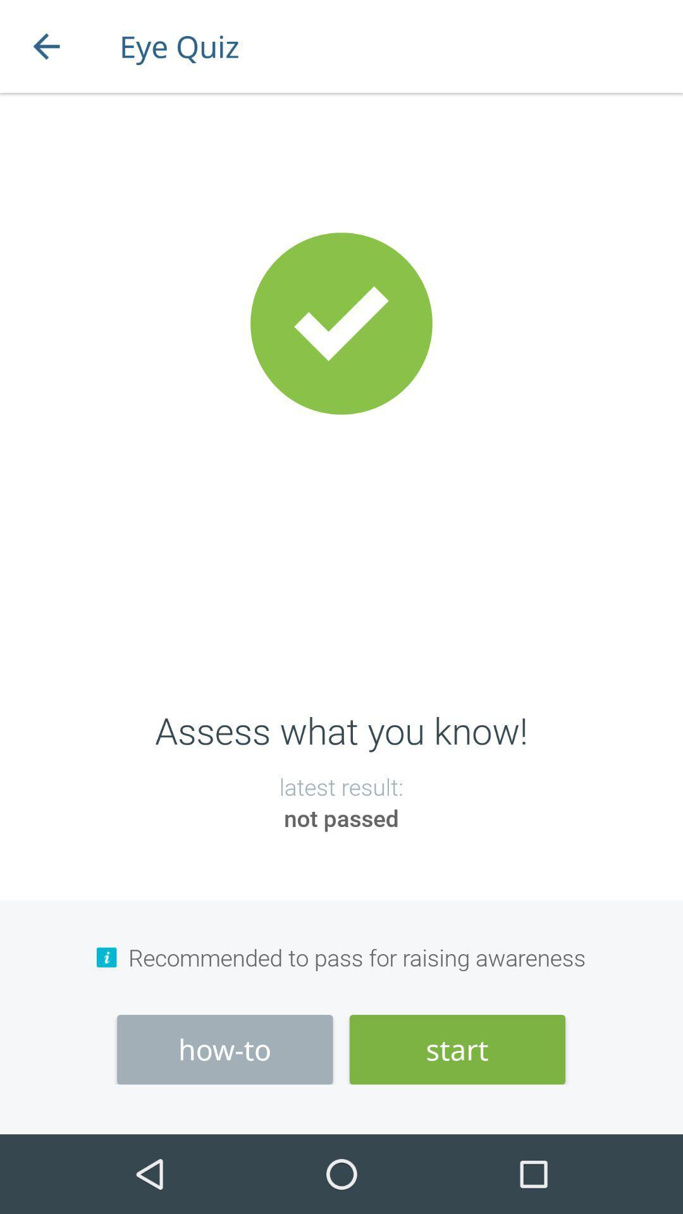 The image size is (683, 1214). Describe the element at coordinates (46, 46) in the screenshot. I see `item to the left of eye quiz icon` at that location.